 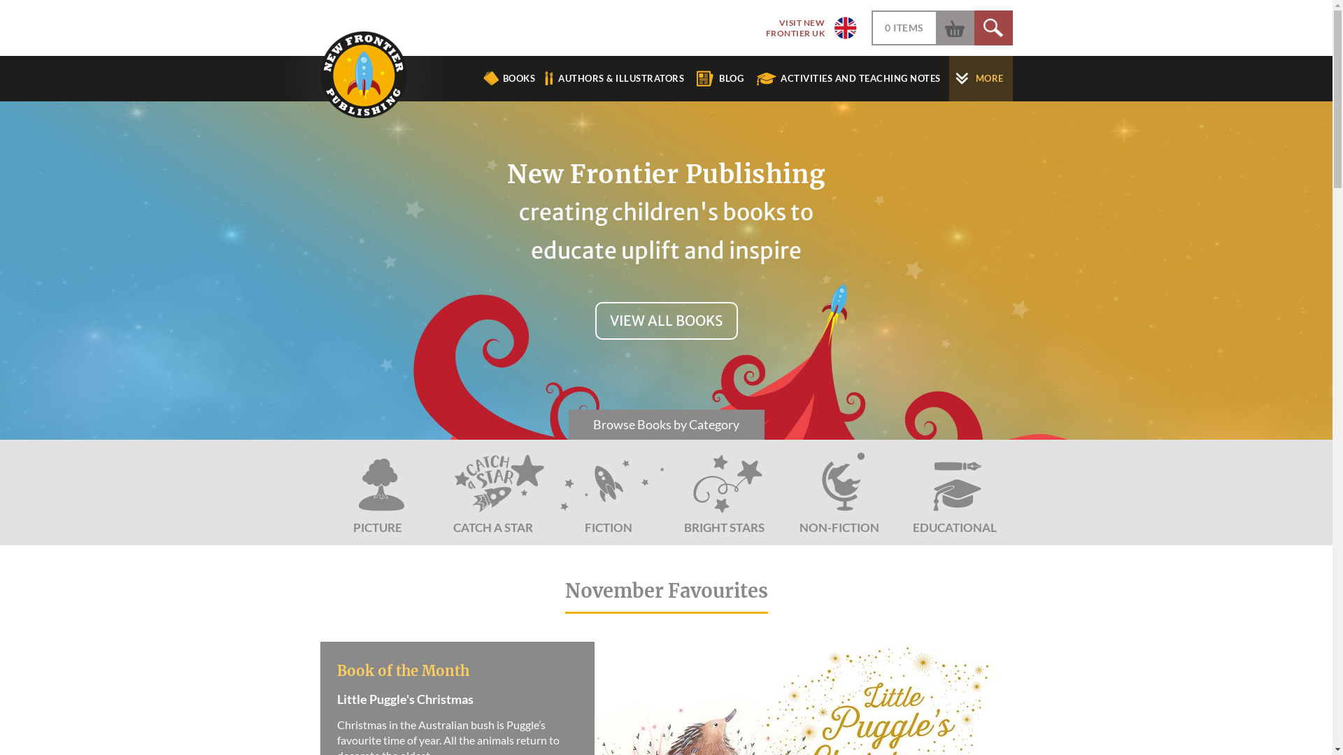 I want to click on 'ACTIVITIES AND TEACHING NOTES', so click(x=851, y=78).